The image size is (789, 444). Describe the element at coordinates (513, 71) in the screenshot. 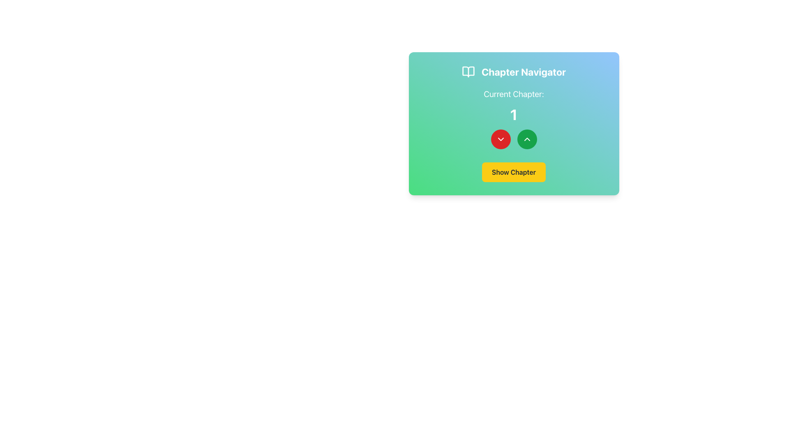

I see `the 'Chapter Navigator' text label or the accompanying open book icon for potential interactions` at that location.